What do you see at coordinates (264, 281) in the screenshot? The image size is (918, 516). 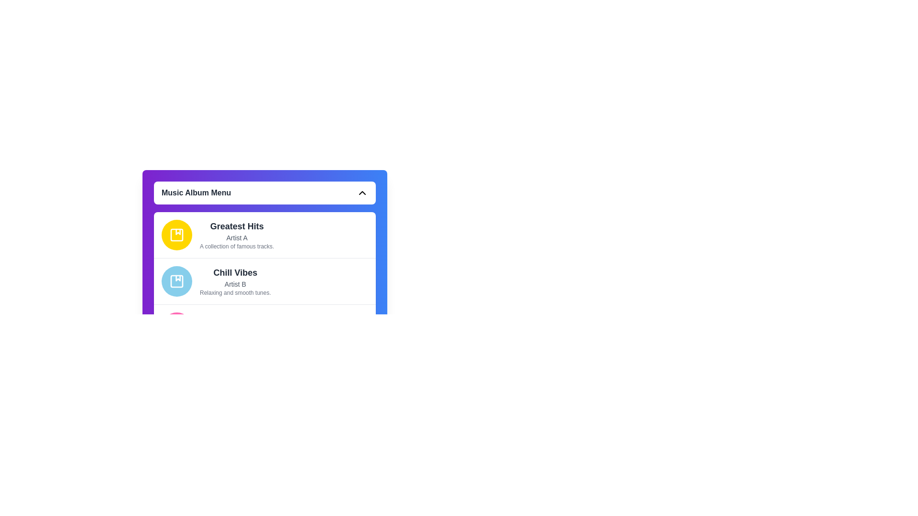 I see `the album Chill Vibes from the list` at bounding box center [264, 281].